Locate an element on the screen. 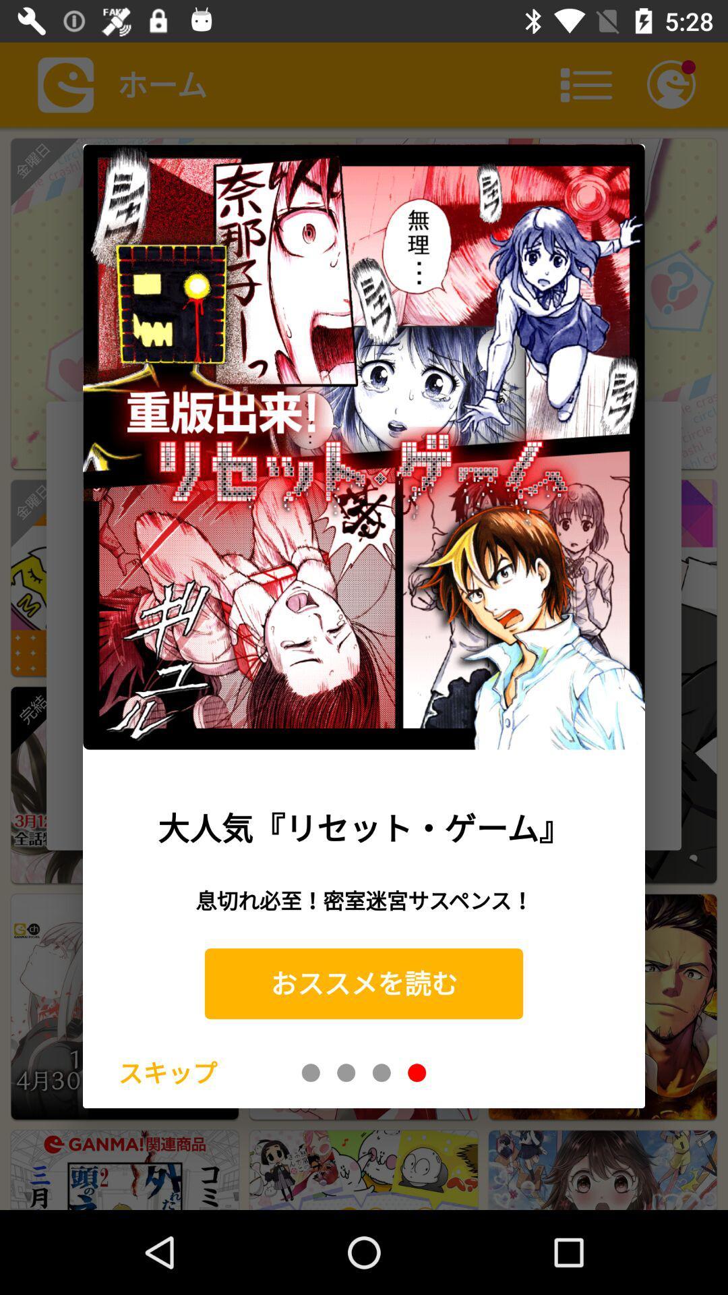 The width and height of the screenshot is (728, 1295). item at the bottom left corner is located at coordinates (167, 1072).